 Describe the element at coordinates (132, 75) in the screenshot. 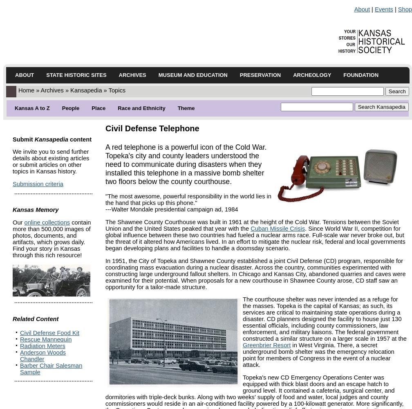

I see `'ARCHIVES'` at that location.